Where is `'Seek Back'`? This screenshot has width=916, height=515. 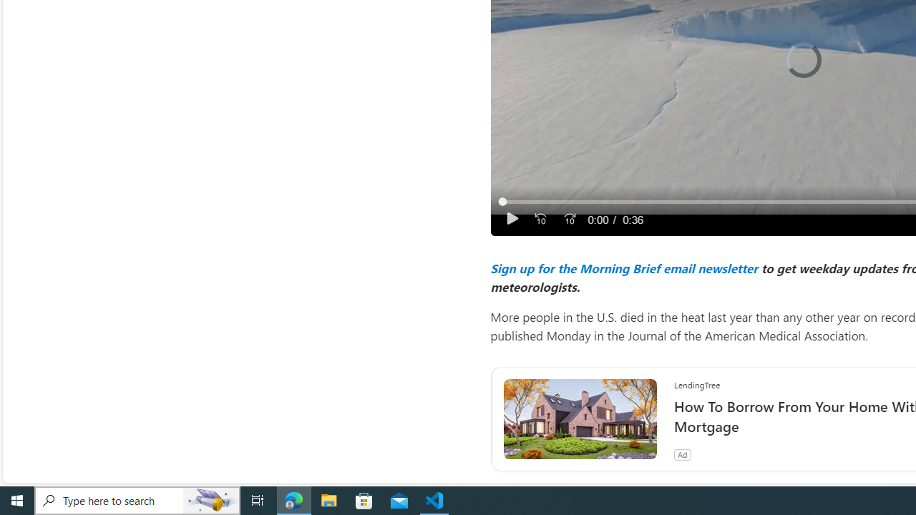 'Seek Back' is located at coordinates (540, 219).